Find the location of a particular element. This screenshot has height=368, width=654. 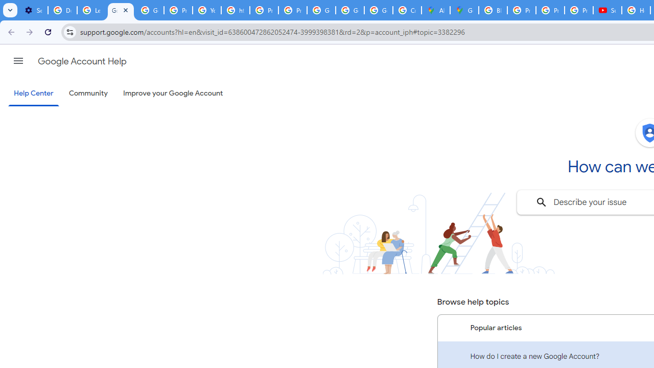

'Google Maps' is located at coordinates (463, 10).